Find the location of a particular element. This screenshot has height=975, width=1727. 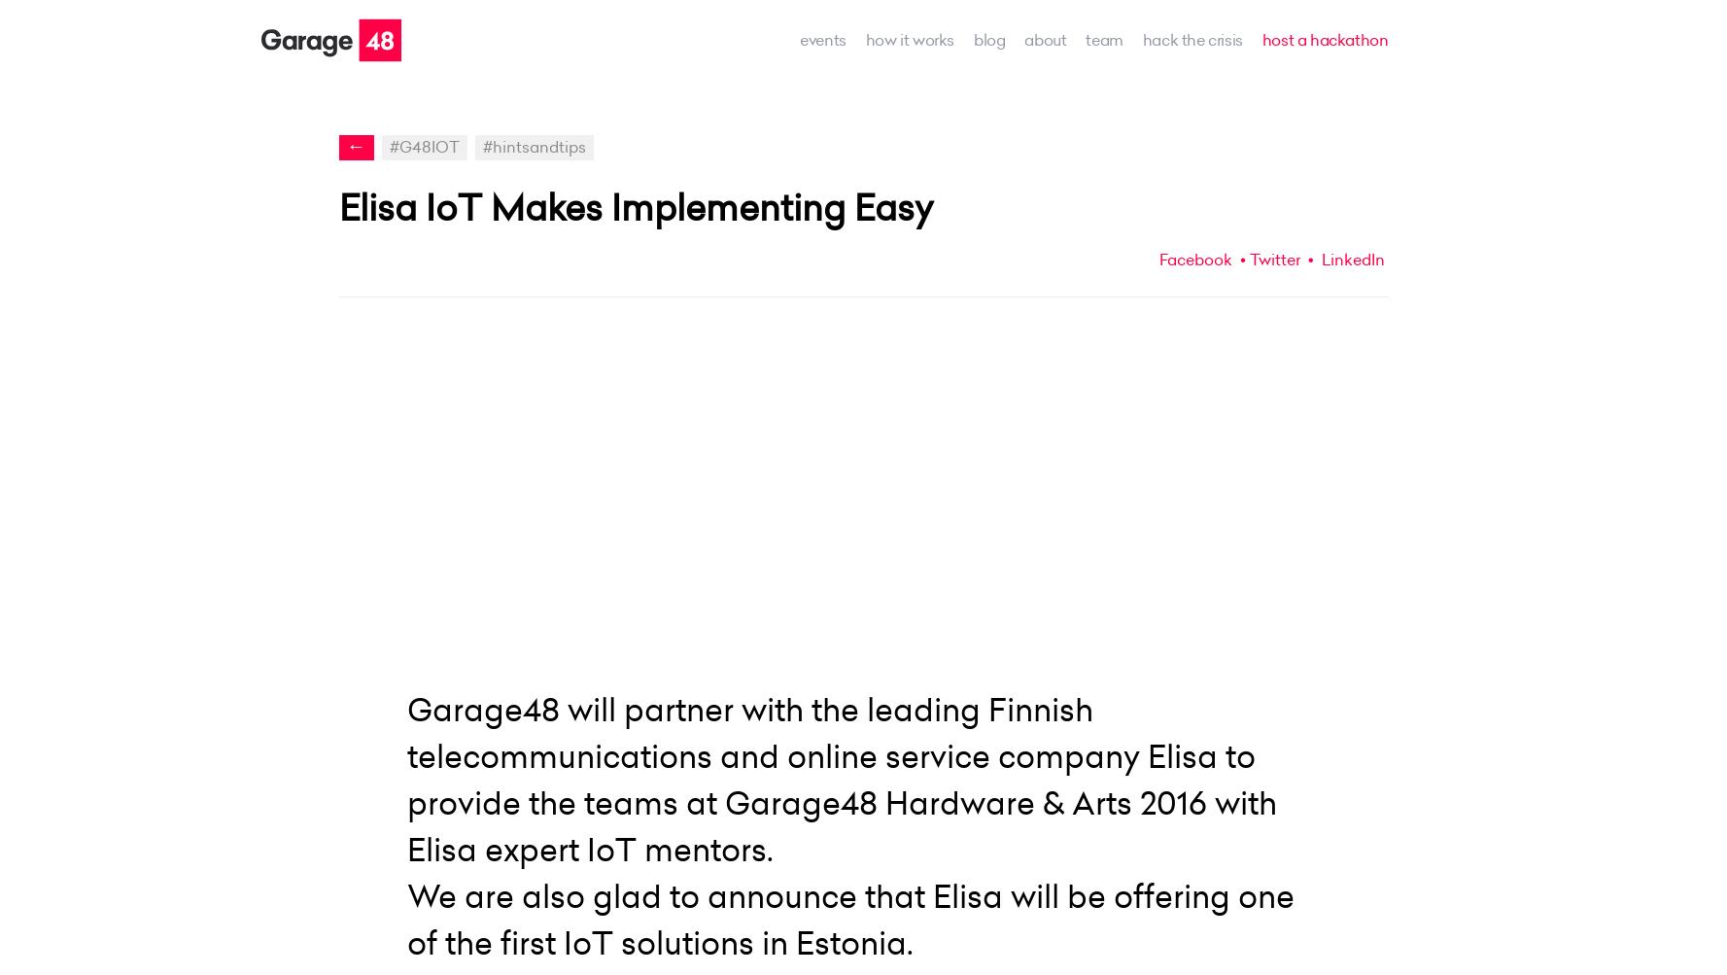

'LinkedIn' is located at coordinates (1349, 258).